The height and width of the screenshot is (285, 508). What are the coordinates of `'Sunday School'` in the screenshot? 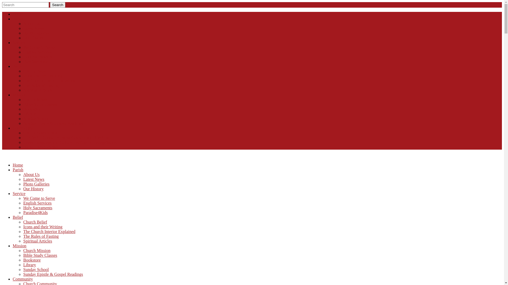 It's located at (35, 269).